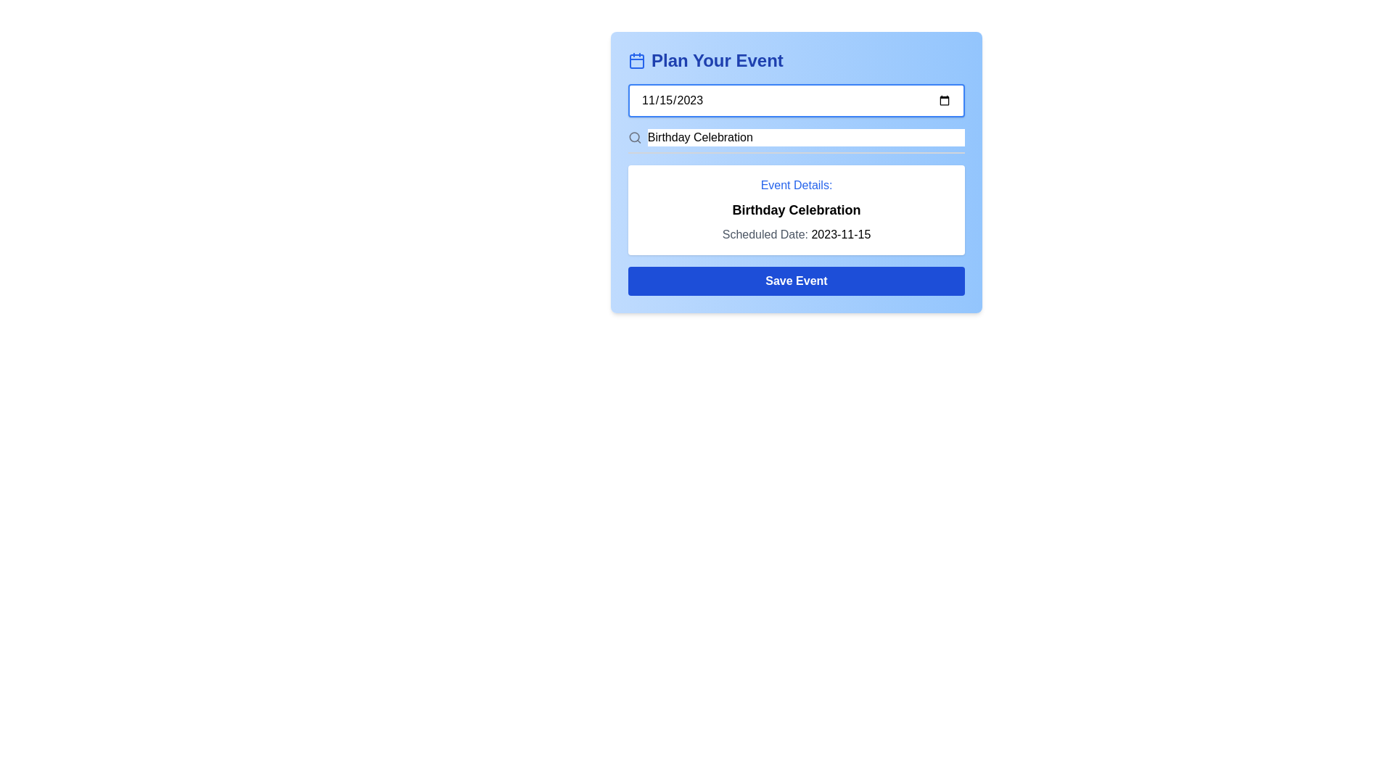 Image resolution: width=1393 pixels, height=783 pixels. What do you see at coordinates (841, 233) in the screenshot?
I see `displayed static text '2023-11-15' which is part of the sentence 'Scheduled Date: 2023-11-15' located in the event details section of the 'Plan Your Event' card` at bounding box center [841, 233].